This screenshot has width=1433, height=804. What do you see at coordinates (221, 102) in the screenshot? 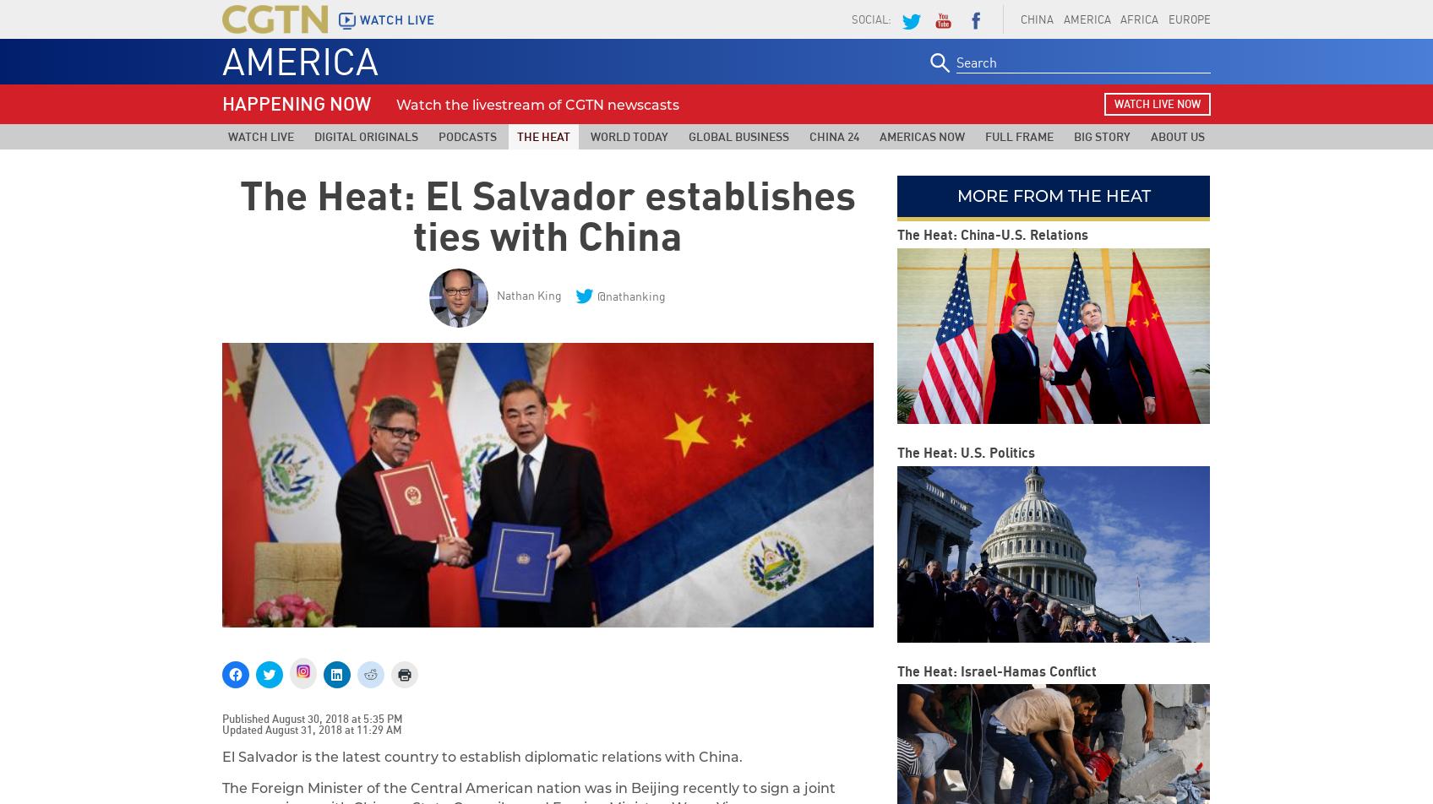
I see `'HAPPENING NOW'` at bounding box center [221, 102].